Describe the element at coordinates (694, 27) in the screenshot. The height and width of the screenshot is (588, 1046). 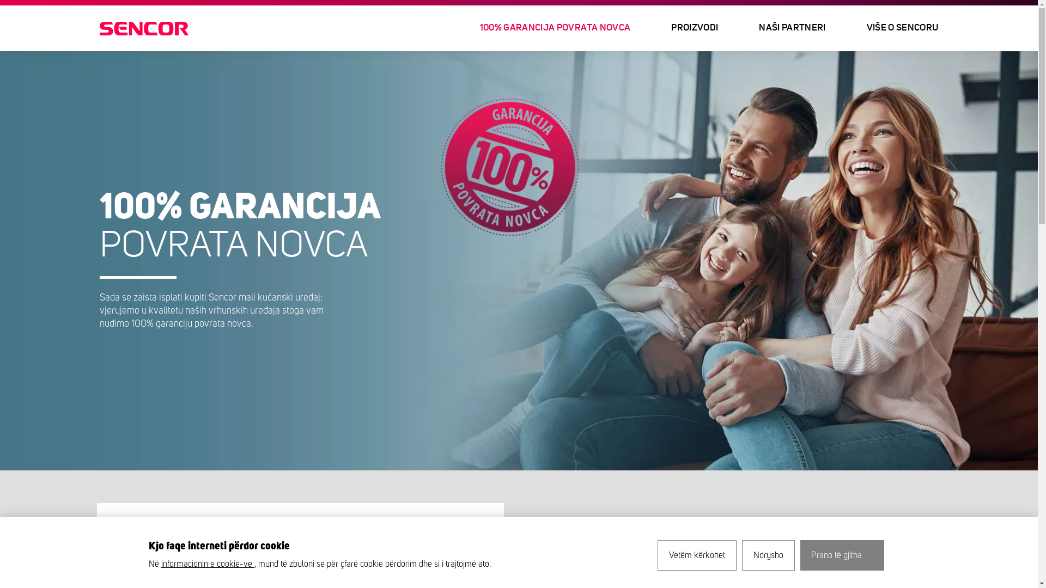
I see `'PROIZVODI'` at that location.